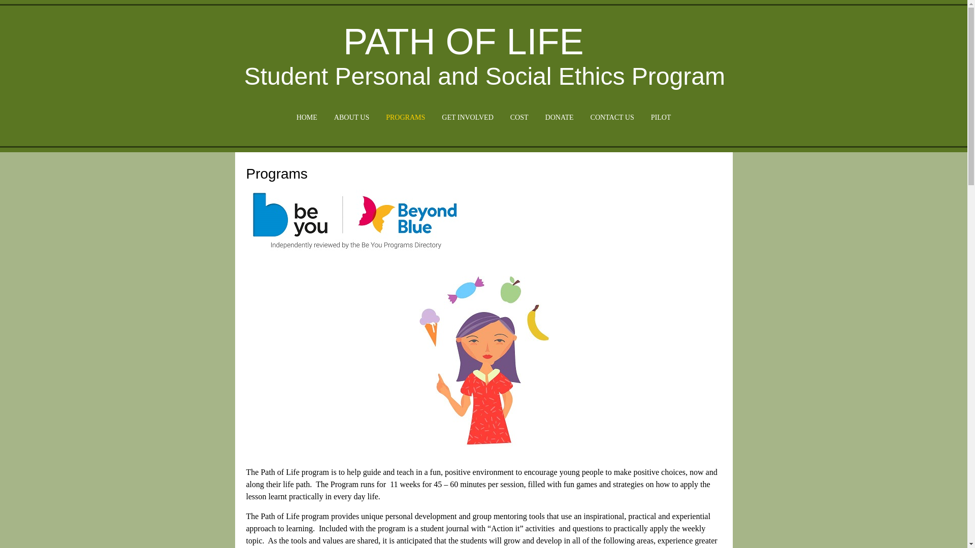 Image resolution: width=975 pixels, height=548 pixels. Describe the element at coordinates (405, 117) in the screenshot. I see `'PROGRAMS'` at that location.